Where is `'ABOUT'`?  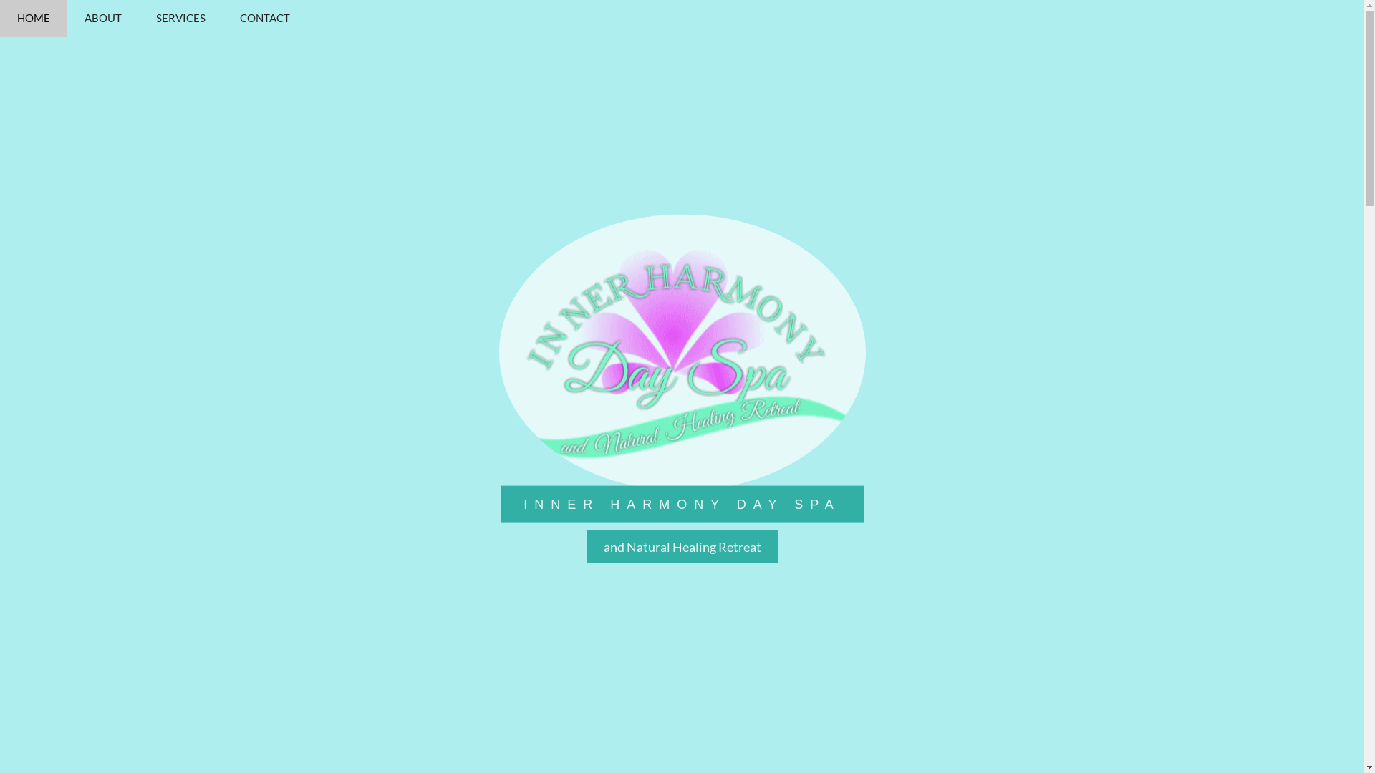 'ABOUT' is located at coordinates (102, 18).